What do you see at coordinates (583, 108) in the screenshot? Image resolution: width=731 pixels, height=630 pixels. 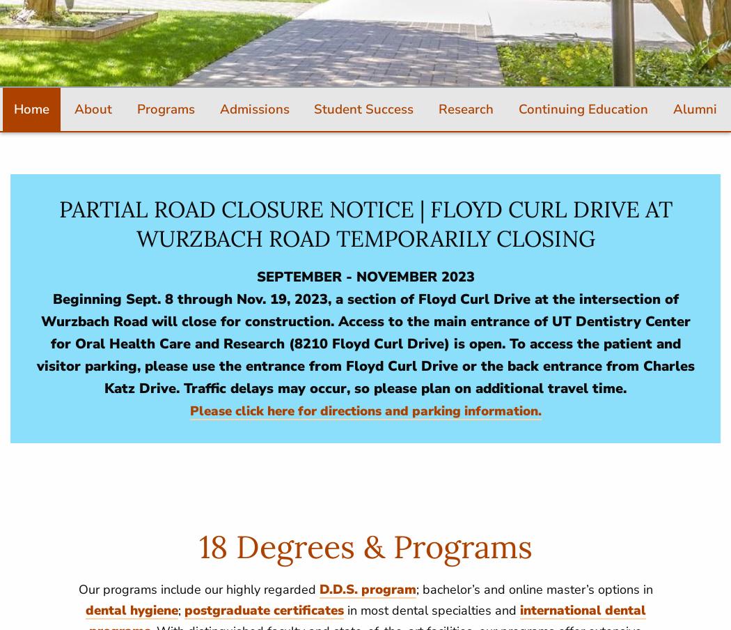 I see `'Continuing Education'` at bounding box center [583, 108].